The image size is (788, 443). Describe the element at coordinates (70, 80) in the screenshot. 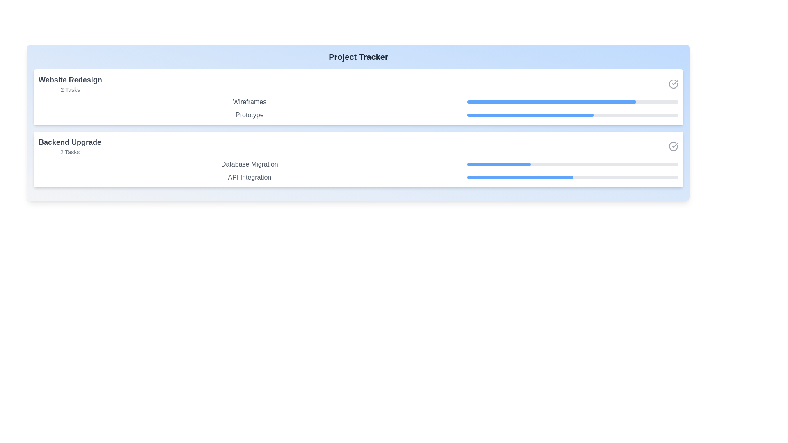

I see `the bold text 'Website Redesign'` at that location.